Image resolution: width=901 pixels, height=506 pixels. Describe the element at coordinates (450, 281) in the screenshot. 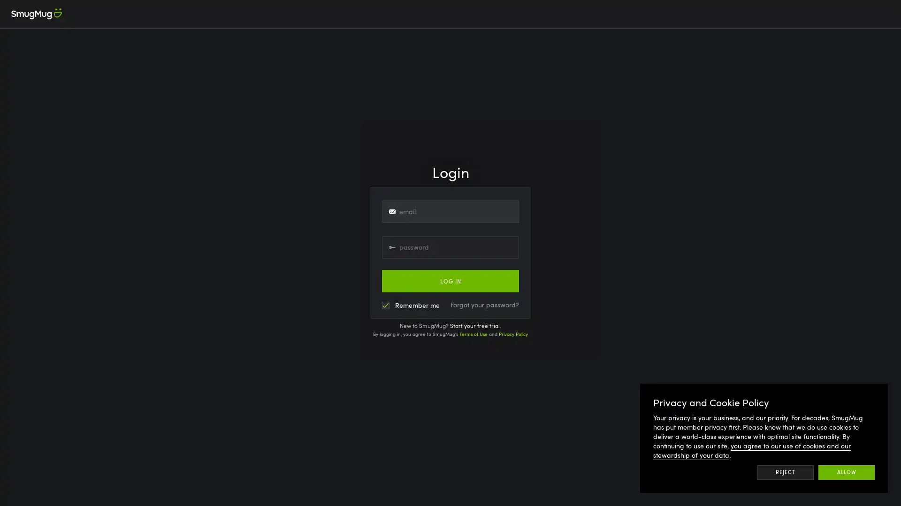

I see `LOG IN` at that location.